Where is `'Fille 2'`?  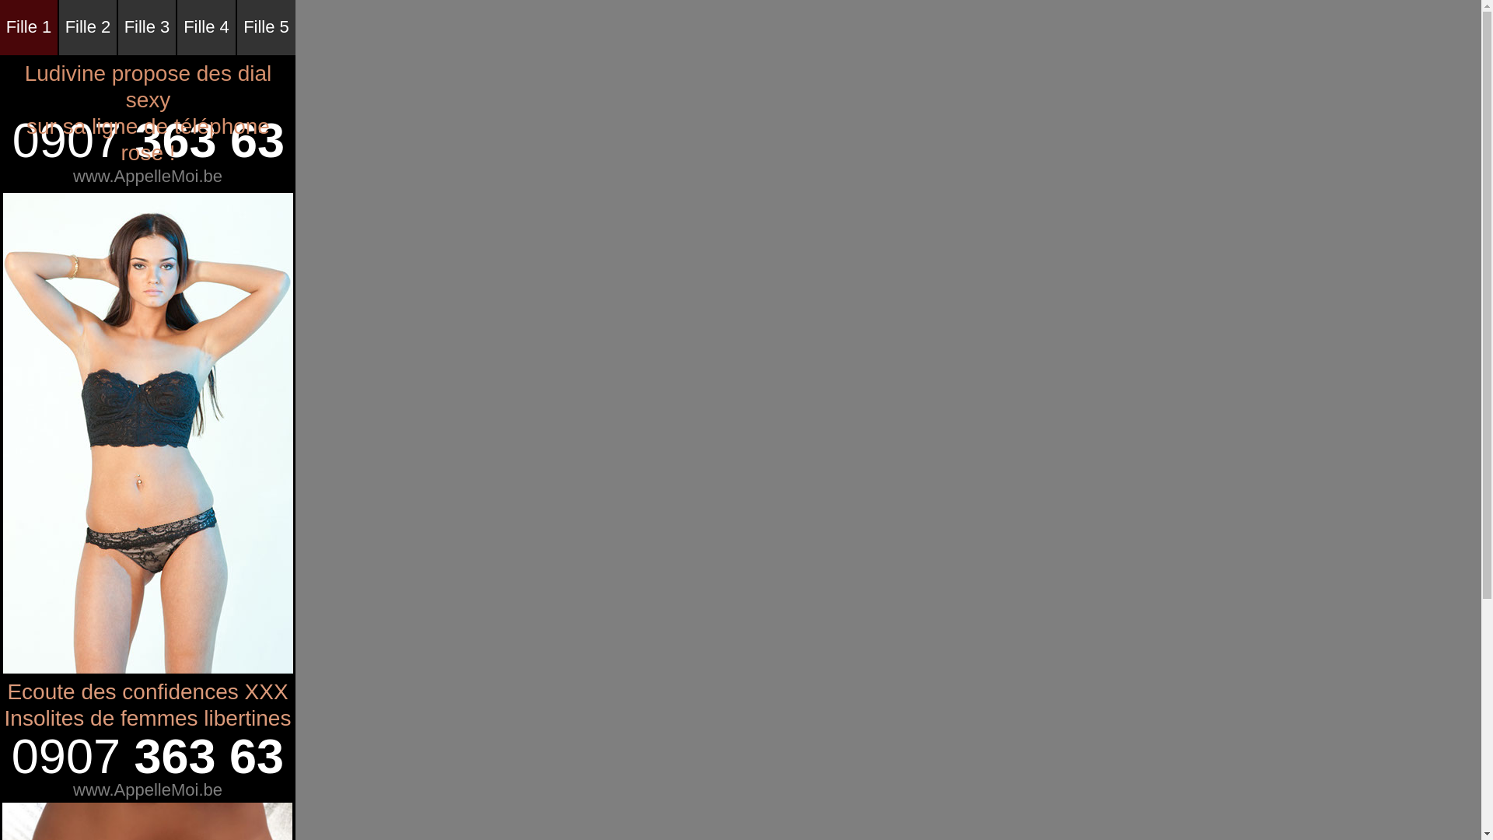
'Fille 2' is located at coordinates (87, 27).